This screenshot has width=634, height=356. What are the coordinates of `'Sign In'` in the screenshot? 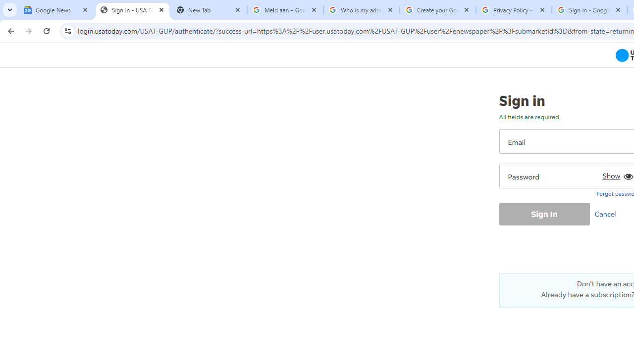 It's located at (543, 213).